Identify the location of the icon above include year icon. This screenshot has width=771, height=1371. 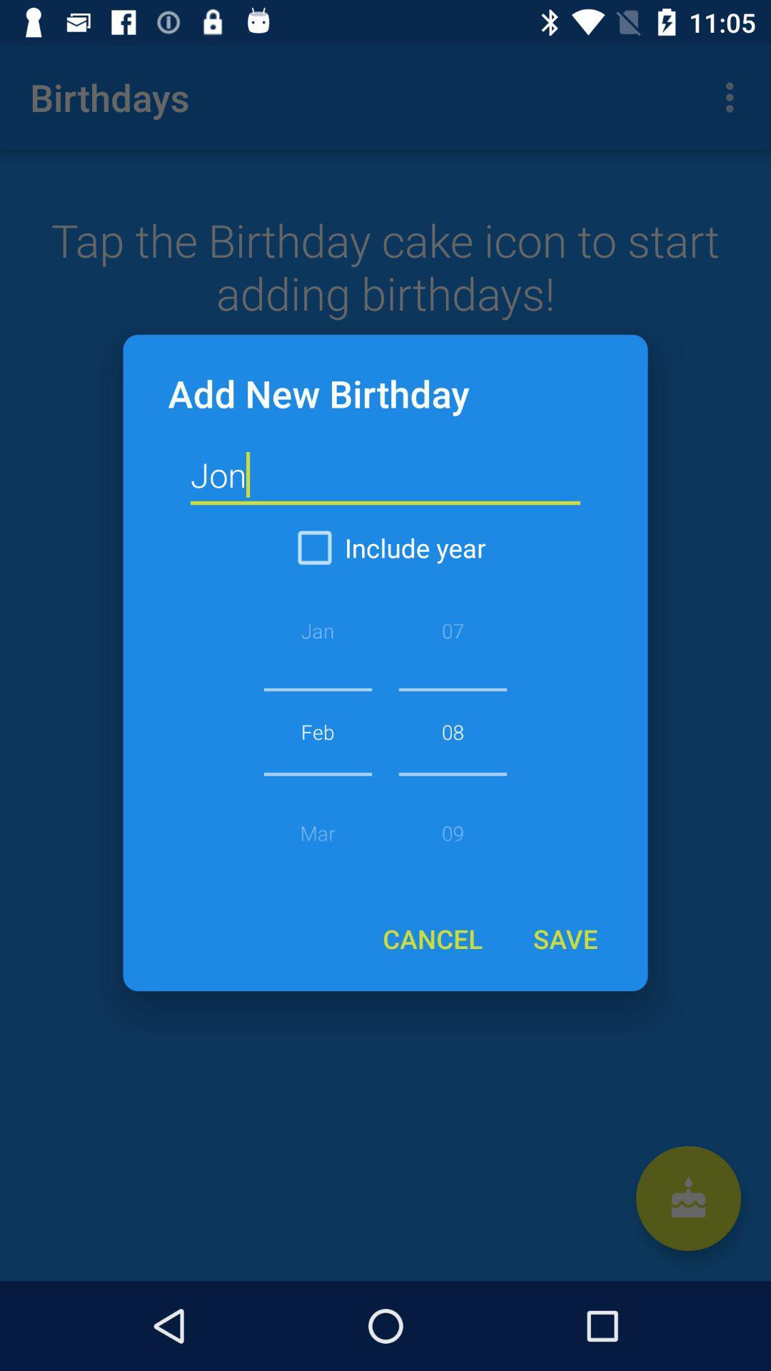
(385, 476).